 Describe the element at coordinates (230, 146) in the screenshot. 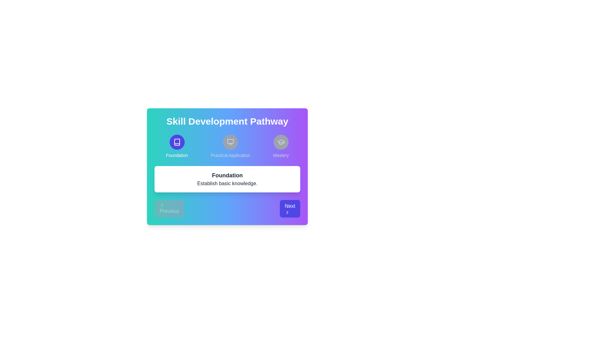

I see `the element representing Practical Application` at that location.